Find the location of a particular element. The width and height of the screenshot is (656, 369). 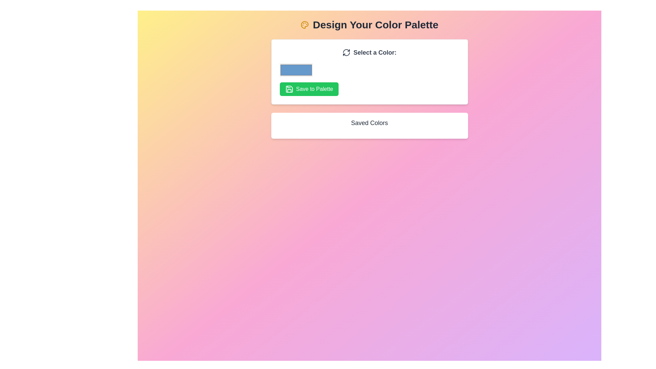

the 'Save to Palette' button, which has a vibrant green background, rounded corners, and is labeled with white bold text is located at coordinates (309, 89).